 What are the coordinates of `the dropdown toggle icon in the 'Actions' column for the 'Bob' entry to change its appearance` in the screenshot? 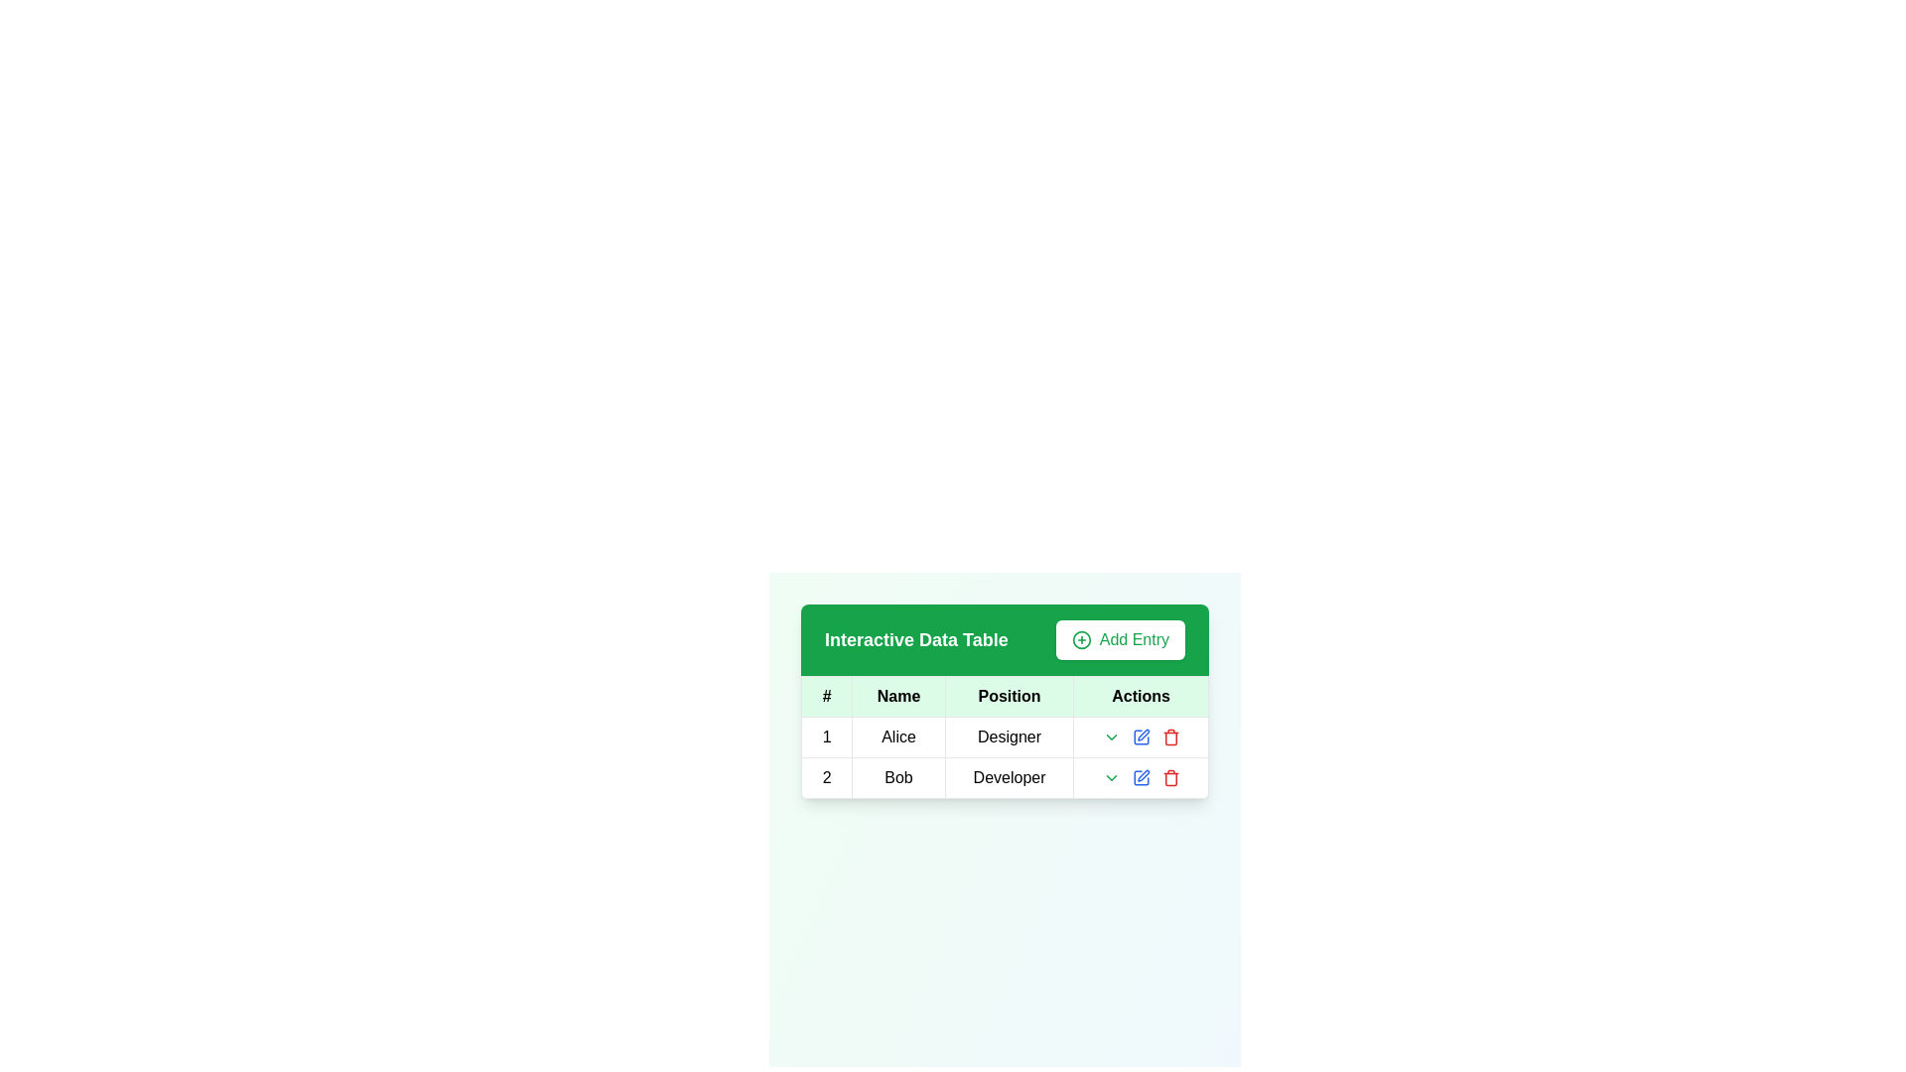 It's located at (1110, 776).